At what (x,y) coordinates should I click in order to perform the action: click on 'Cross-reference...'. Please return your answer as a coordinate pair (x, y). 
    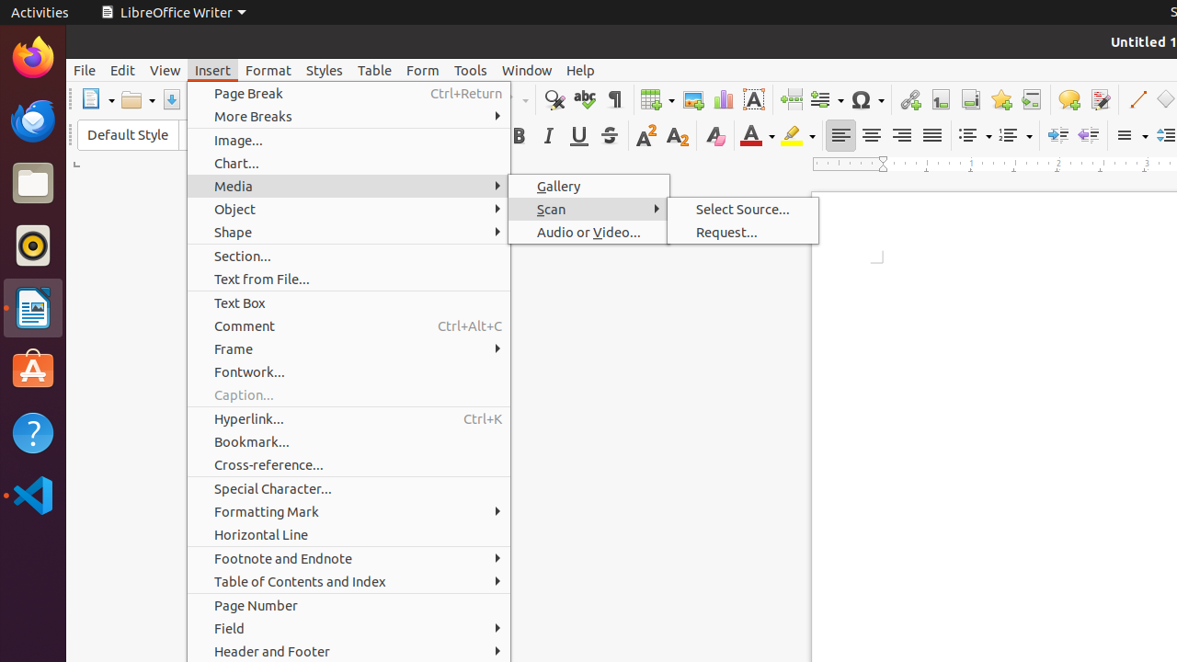
    Looking at the image, I should click on (349, 463).